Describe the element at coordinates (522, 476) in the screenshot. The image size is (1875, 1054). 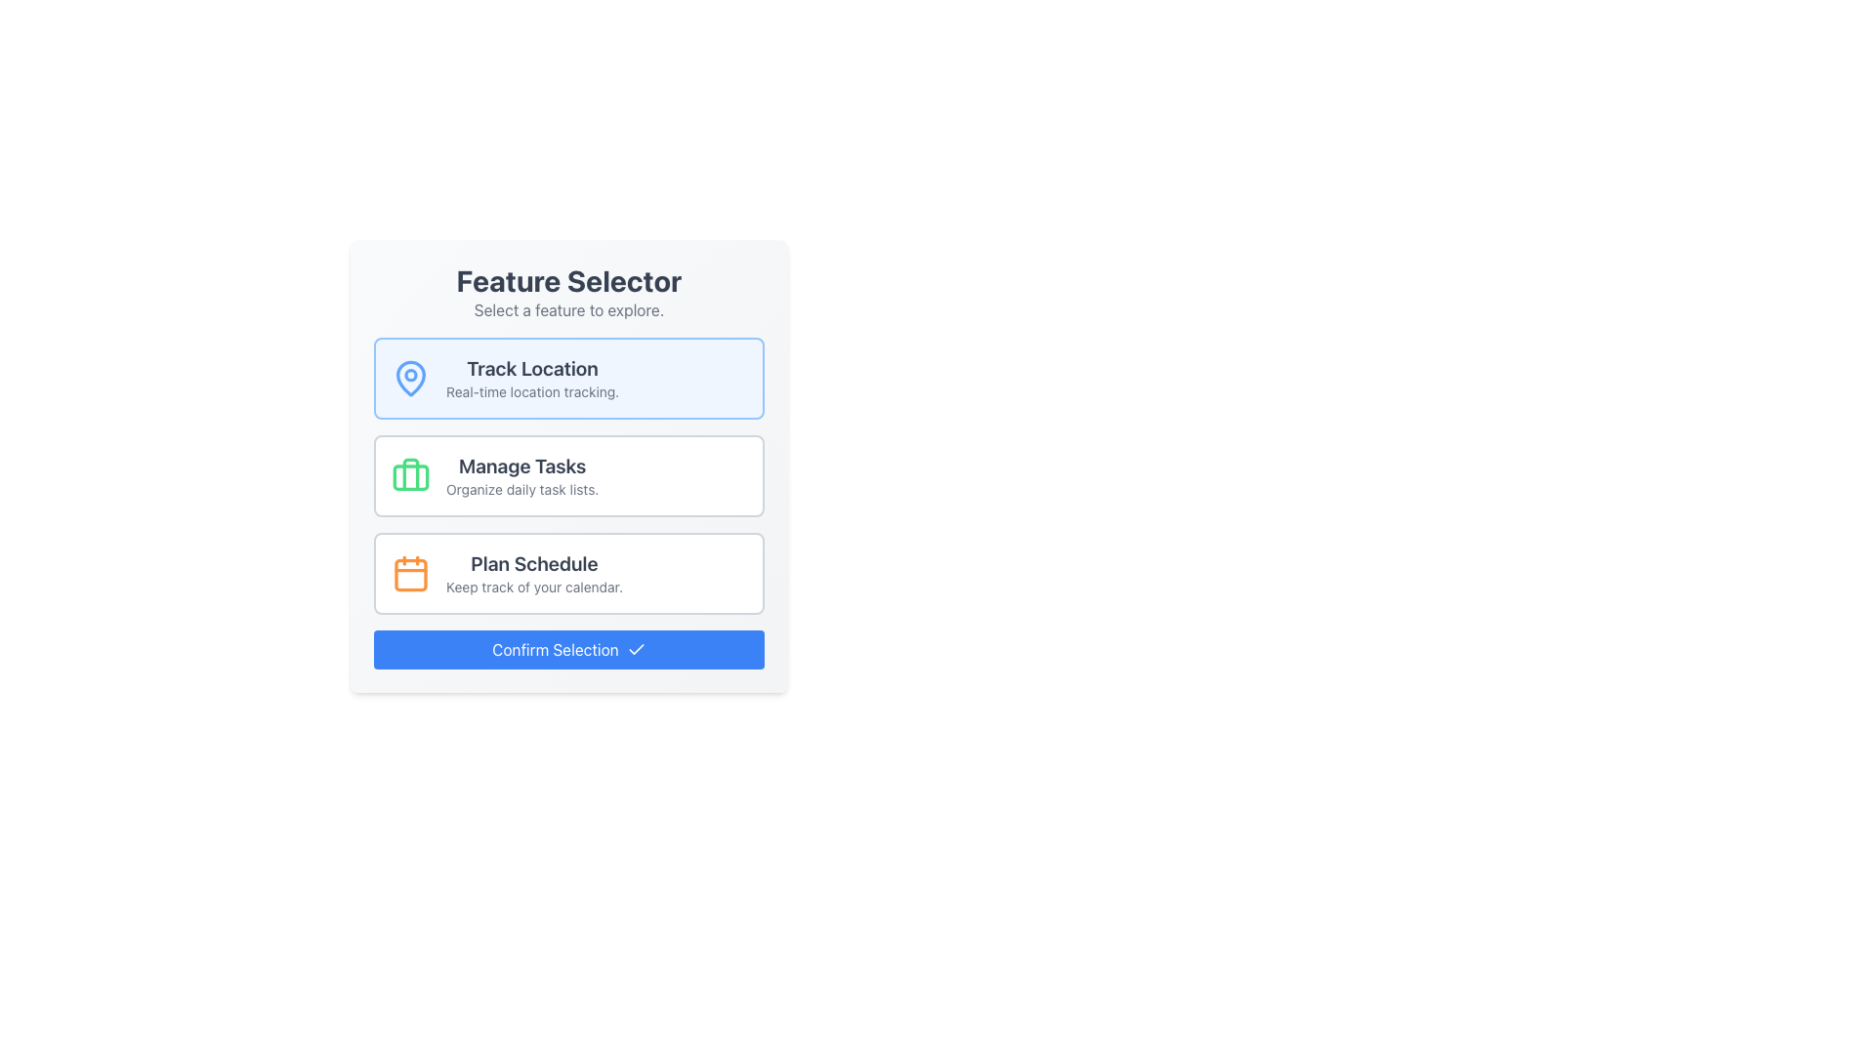
I see `the 'Manage Tasks' text label, which features a bold gray heading and a lighter gray subtext, positioned between 'Track Location' and 'Plan Schedule'` at that location.